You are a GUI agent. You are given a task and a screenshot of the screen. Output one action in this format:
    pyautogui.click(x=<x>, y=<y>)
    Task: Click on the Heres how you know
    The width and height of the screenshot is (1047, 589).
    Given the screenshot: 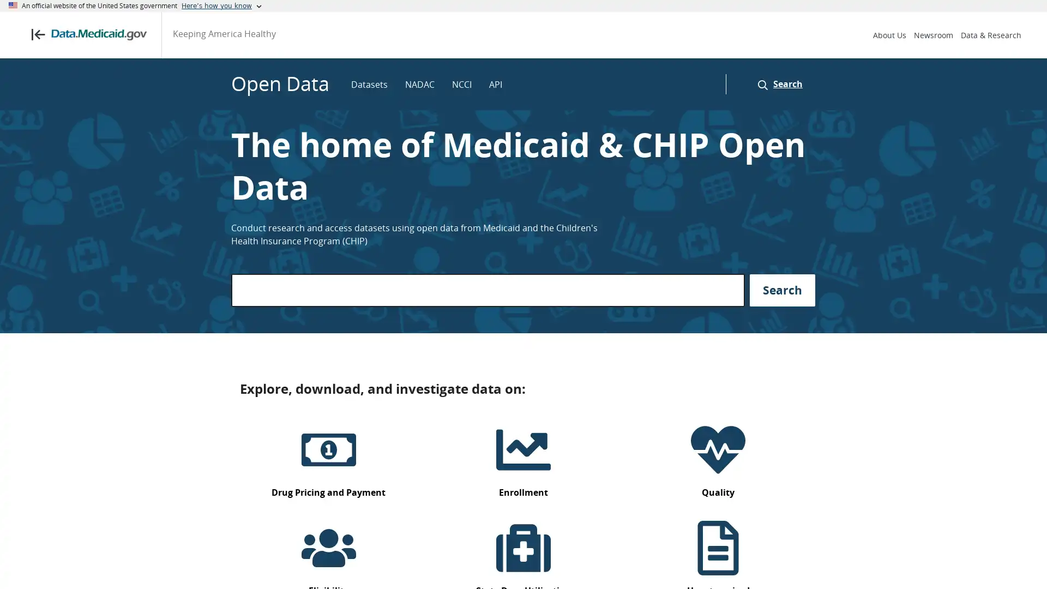 What is the action you would take?
    pyautogui.click(x=221, y=6)
    